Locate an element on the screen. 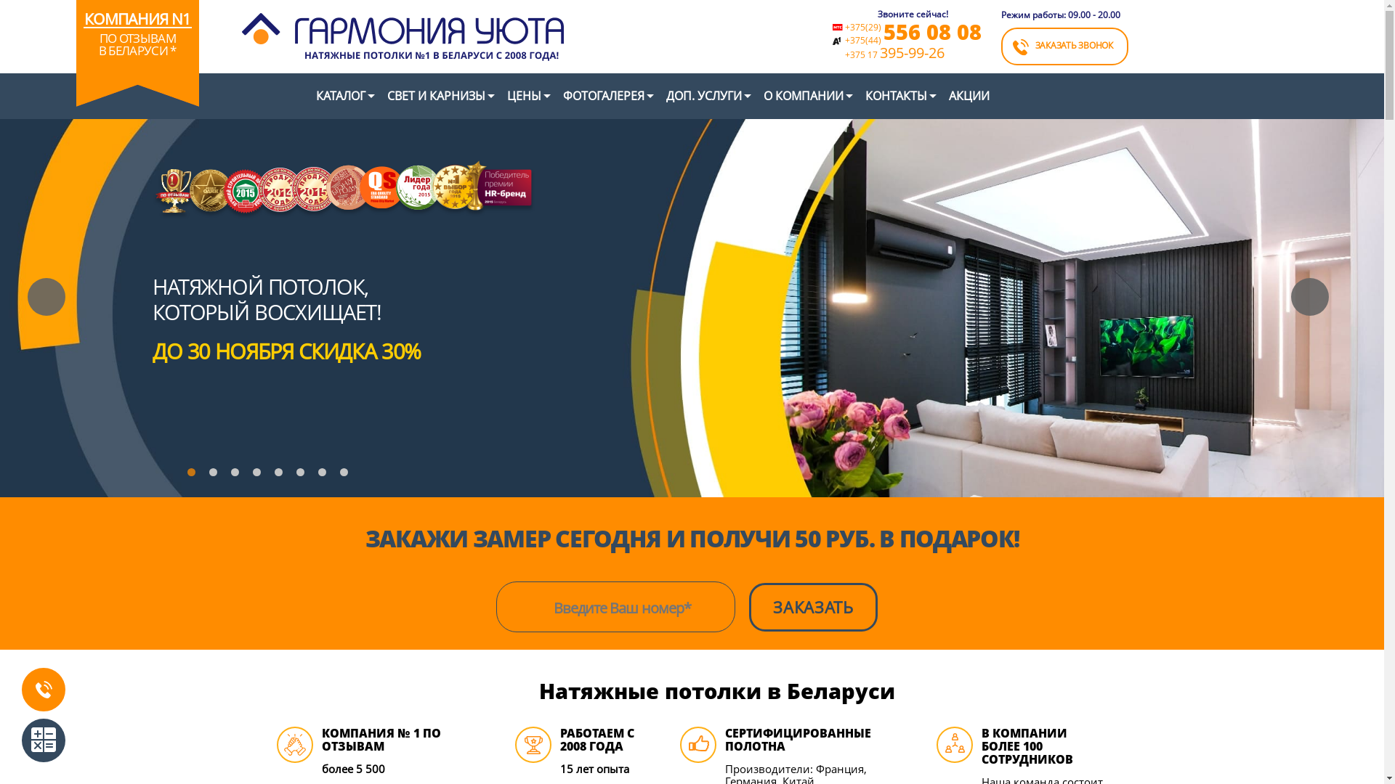  '556 08 08' is located at coordinates (932, 31).